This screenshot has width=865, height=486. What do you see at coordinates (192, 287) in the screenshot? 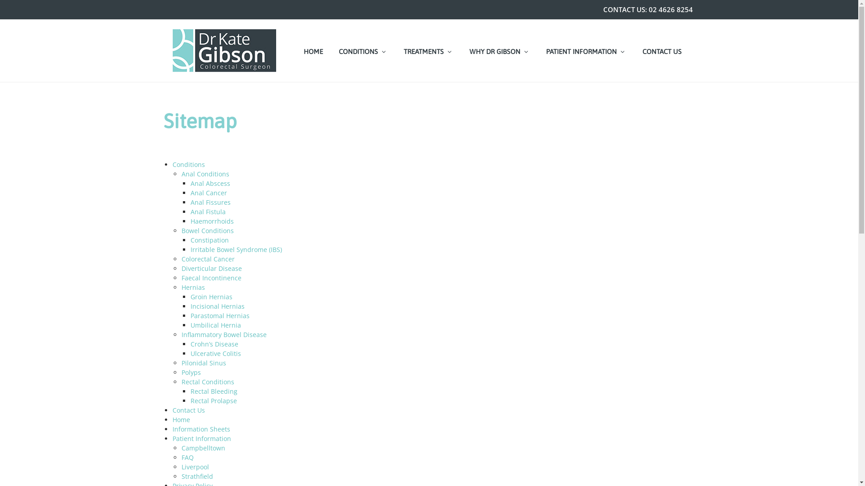
I see `'Hernias'` at bounding box center [192, 287].